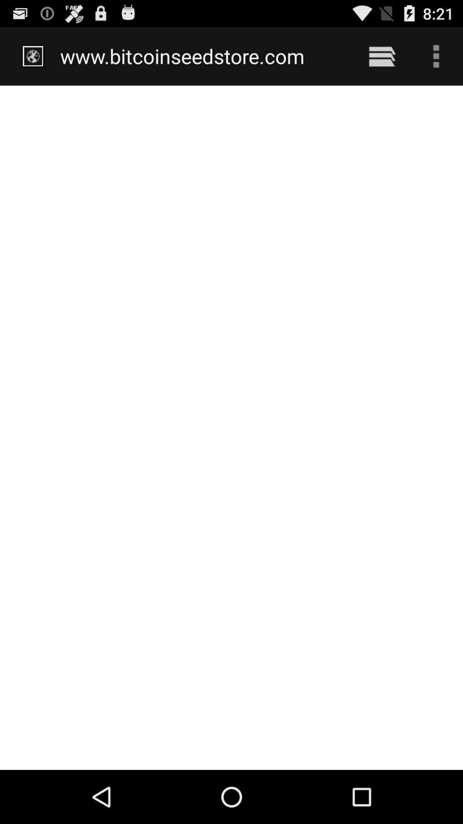 The width and height of the screenshot is (463, 824). Describe the element at coordinates (202, 56) in the screenshot. I see `the www.bitcoinseedstore.com item` at that location.